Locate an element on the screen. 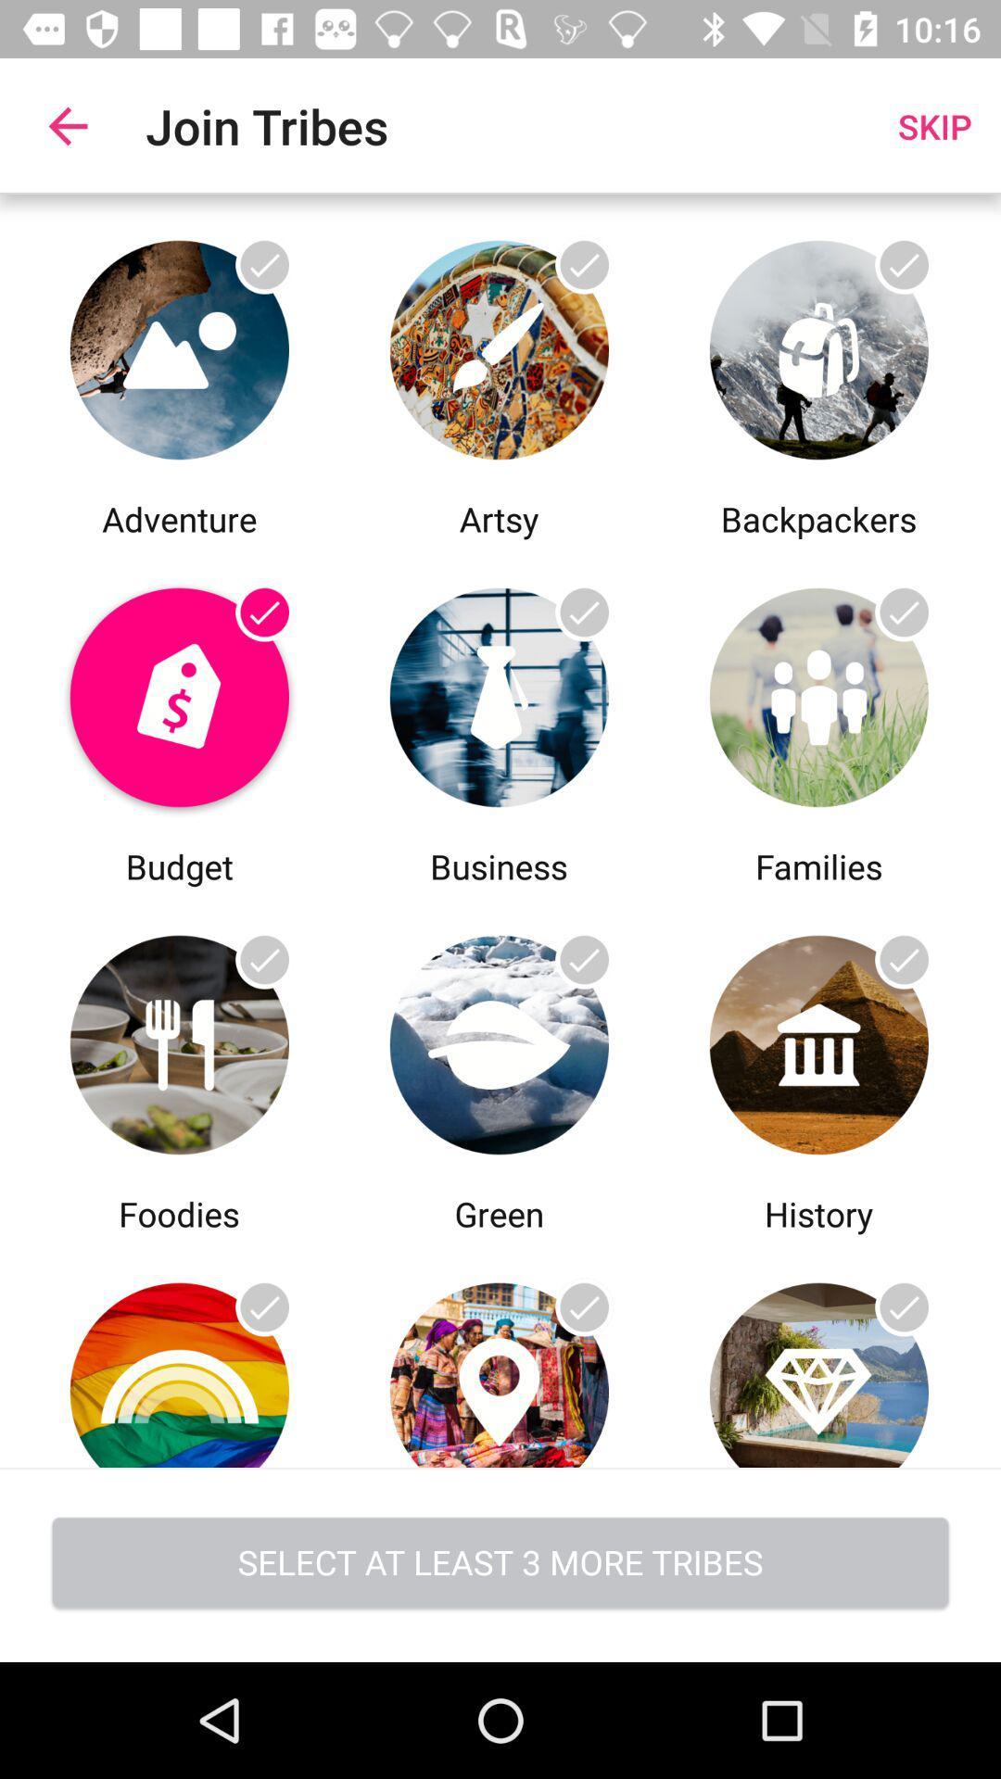 This screenshot has width=1001, height=1779. the article is located at coordinates (817, 691).